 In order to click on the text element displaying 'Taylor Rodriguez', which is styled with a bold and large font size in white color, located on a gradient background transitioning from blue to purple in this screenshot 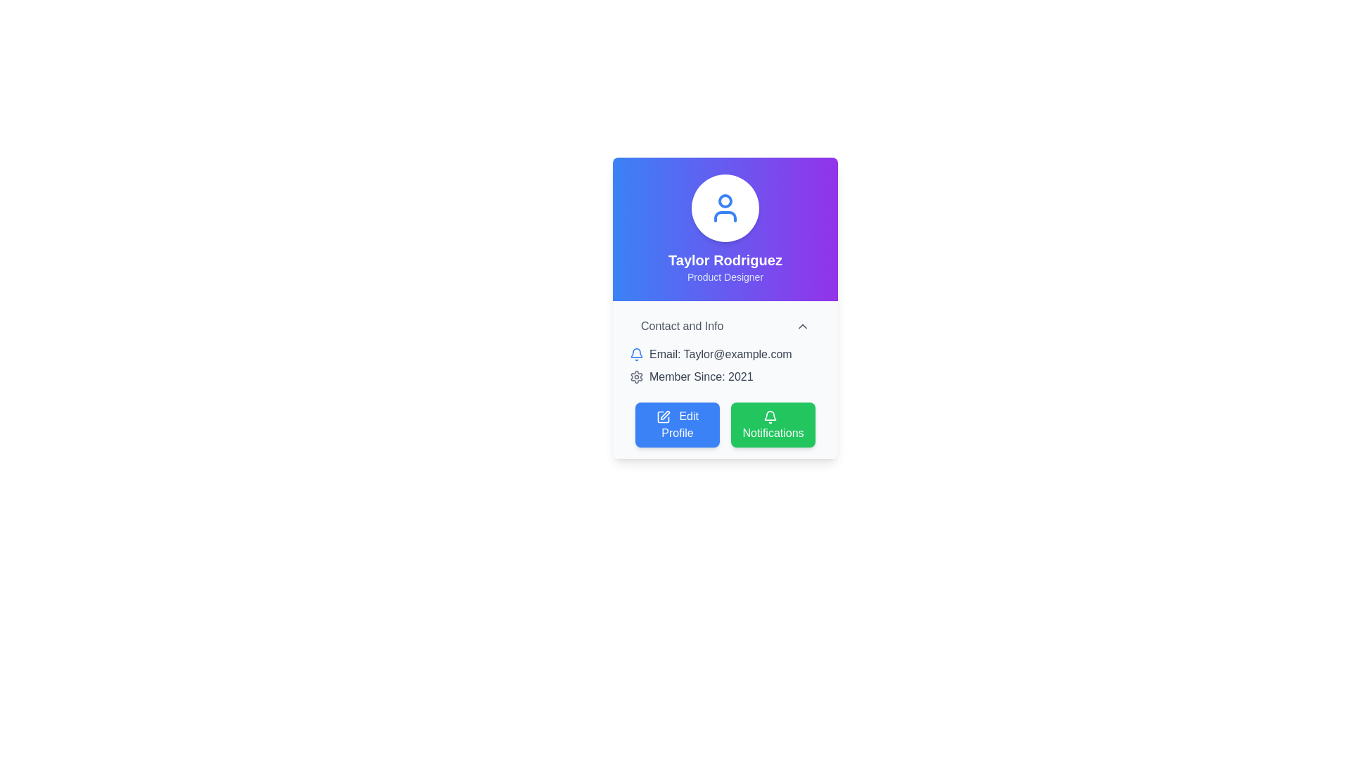, I will do `click(725, 260)`.